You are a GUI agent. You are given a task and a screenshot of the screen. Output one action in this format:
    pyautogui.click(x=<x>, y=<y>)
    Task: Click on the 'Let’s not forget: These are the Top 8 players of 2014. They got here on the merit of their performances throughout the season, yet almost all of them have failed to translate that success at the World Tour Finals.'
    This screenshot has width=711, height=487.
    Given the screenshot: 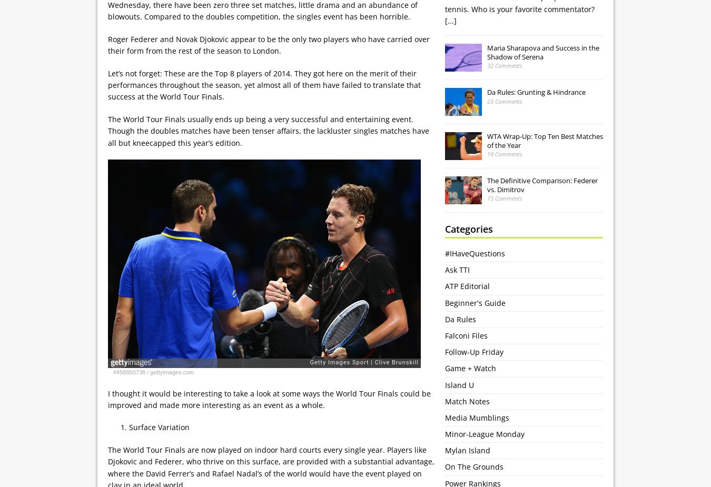 What is the action you would take?
    pyautogui.click(x=264, y=84)
    